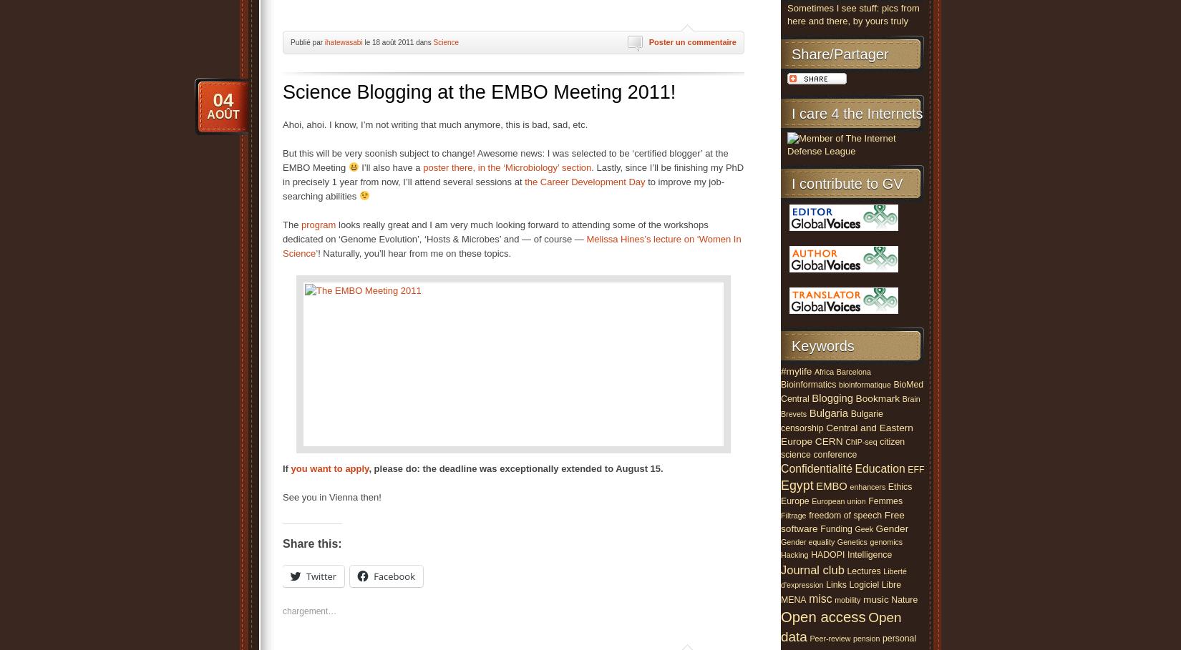 The image size is (1181, 650). Describe the element at coordinates (283, 223) in the screenshot. I see `'The'` at that location.